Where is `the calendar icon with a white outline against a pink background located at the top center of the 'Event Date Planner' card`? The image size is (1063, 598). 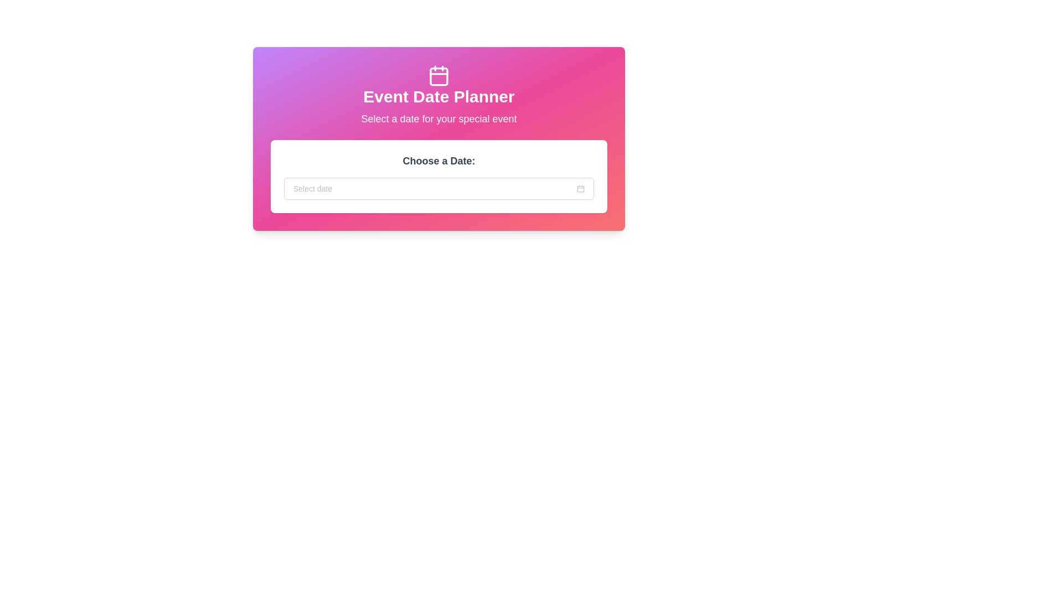
the calendar icon with a white outline against a pink background located at the top center of the 'Event Date Planner' card is located at coordinates (438, 75).